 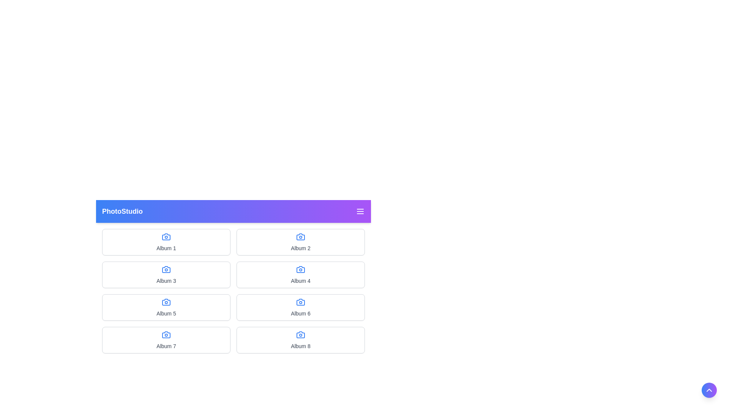 What do you see at coordinates (708, 390) in the screenshot?
I see `the circular gradient button with a white upward-pointing chevron icon to scroll upward` at bounding box center [708, 390].